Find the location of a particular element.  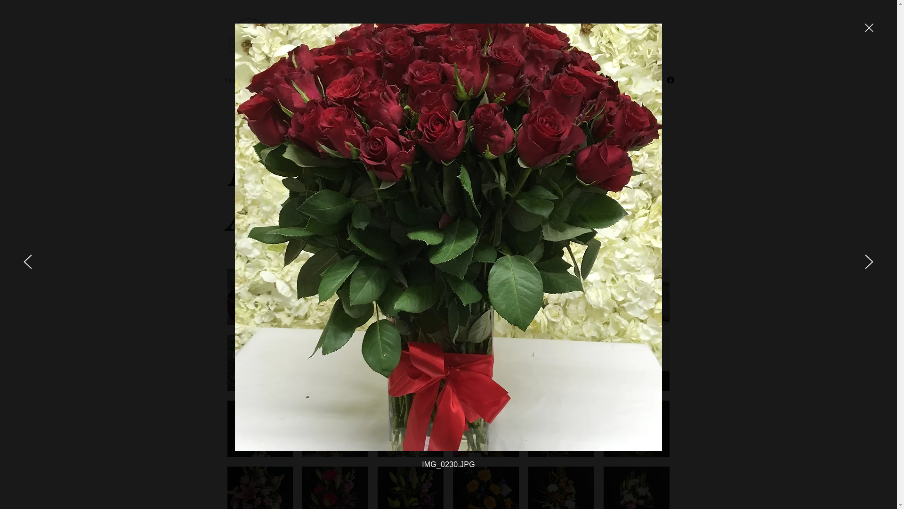

'Ceremonies' is located at coordinates (323, 79).